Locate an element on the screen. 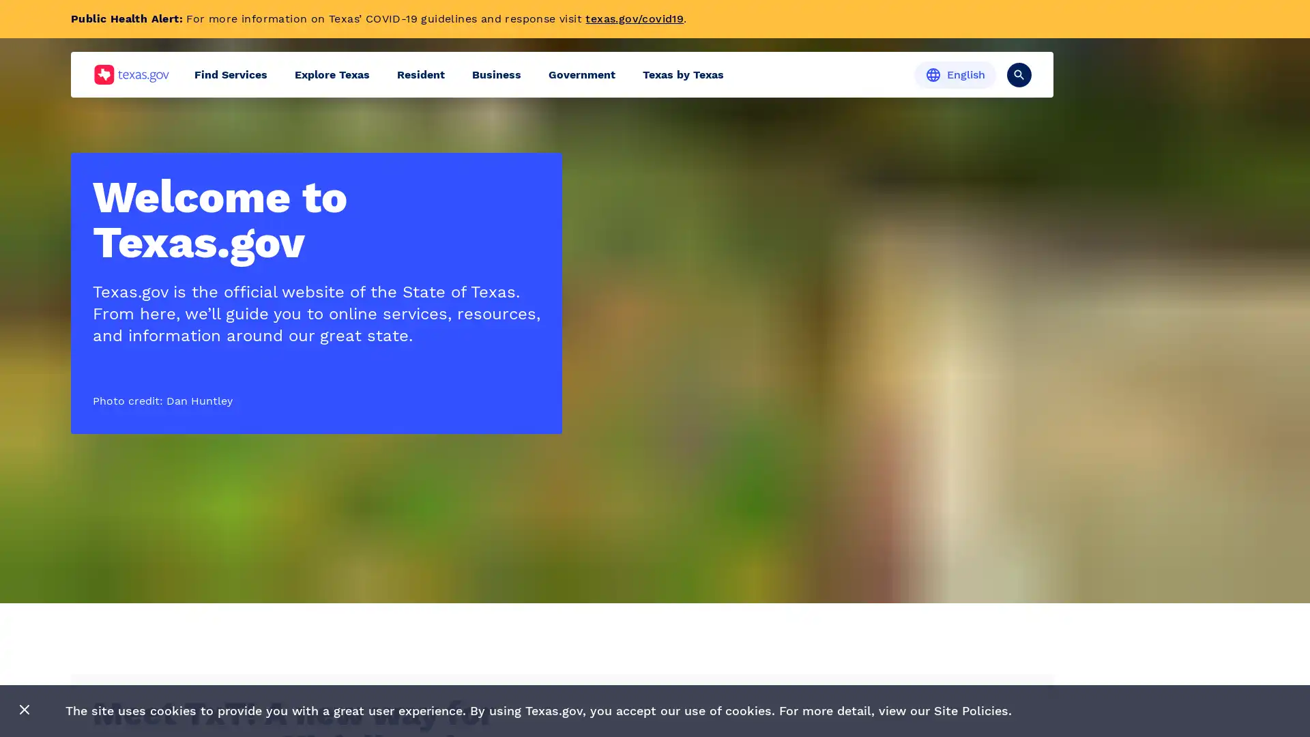 The height and width of the screenshot is (737, 1310). Search is located at coordinates (1019, 74).